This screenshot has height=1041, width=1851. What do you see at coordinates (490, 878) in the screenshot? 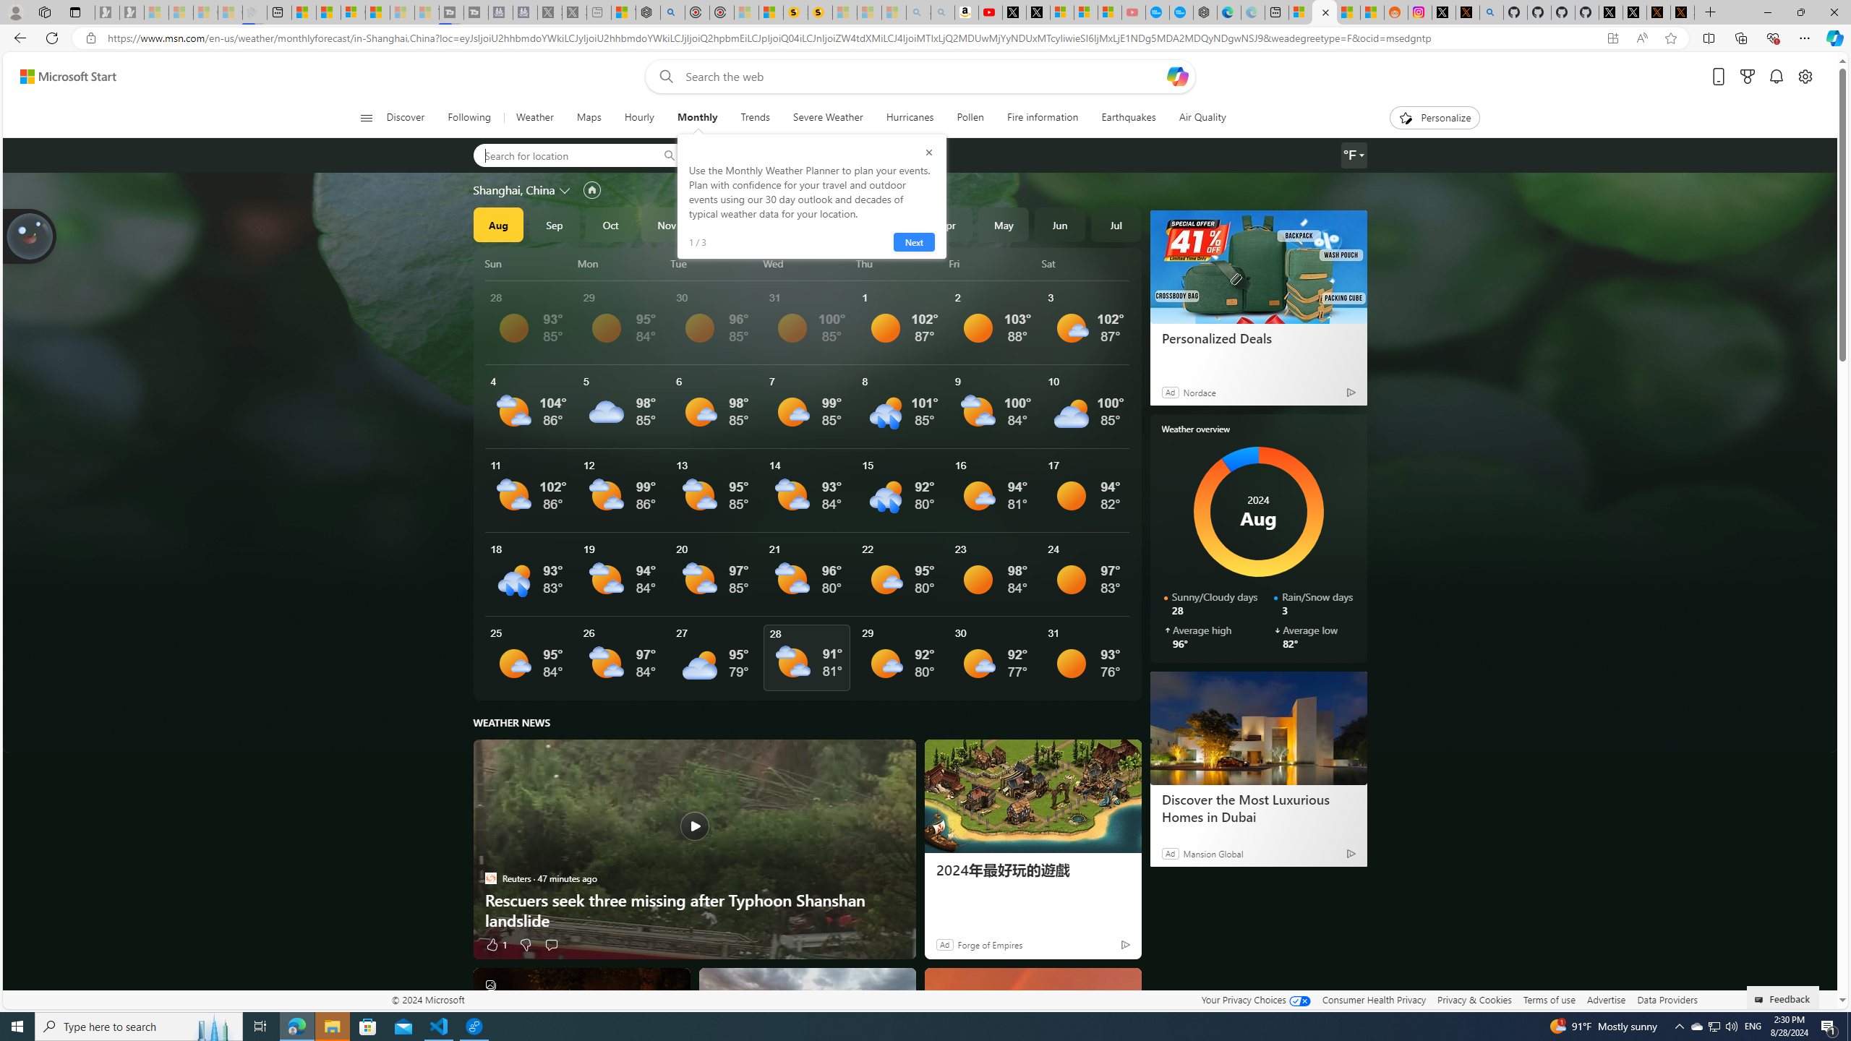
I see `'Reuters'` at bounding box center [490, 878].